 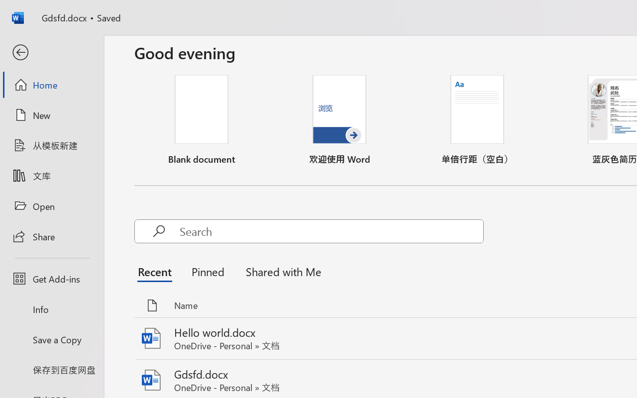 I want to click on 'Pinned', so click(x=207, y=272).